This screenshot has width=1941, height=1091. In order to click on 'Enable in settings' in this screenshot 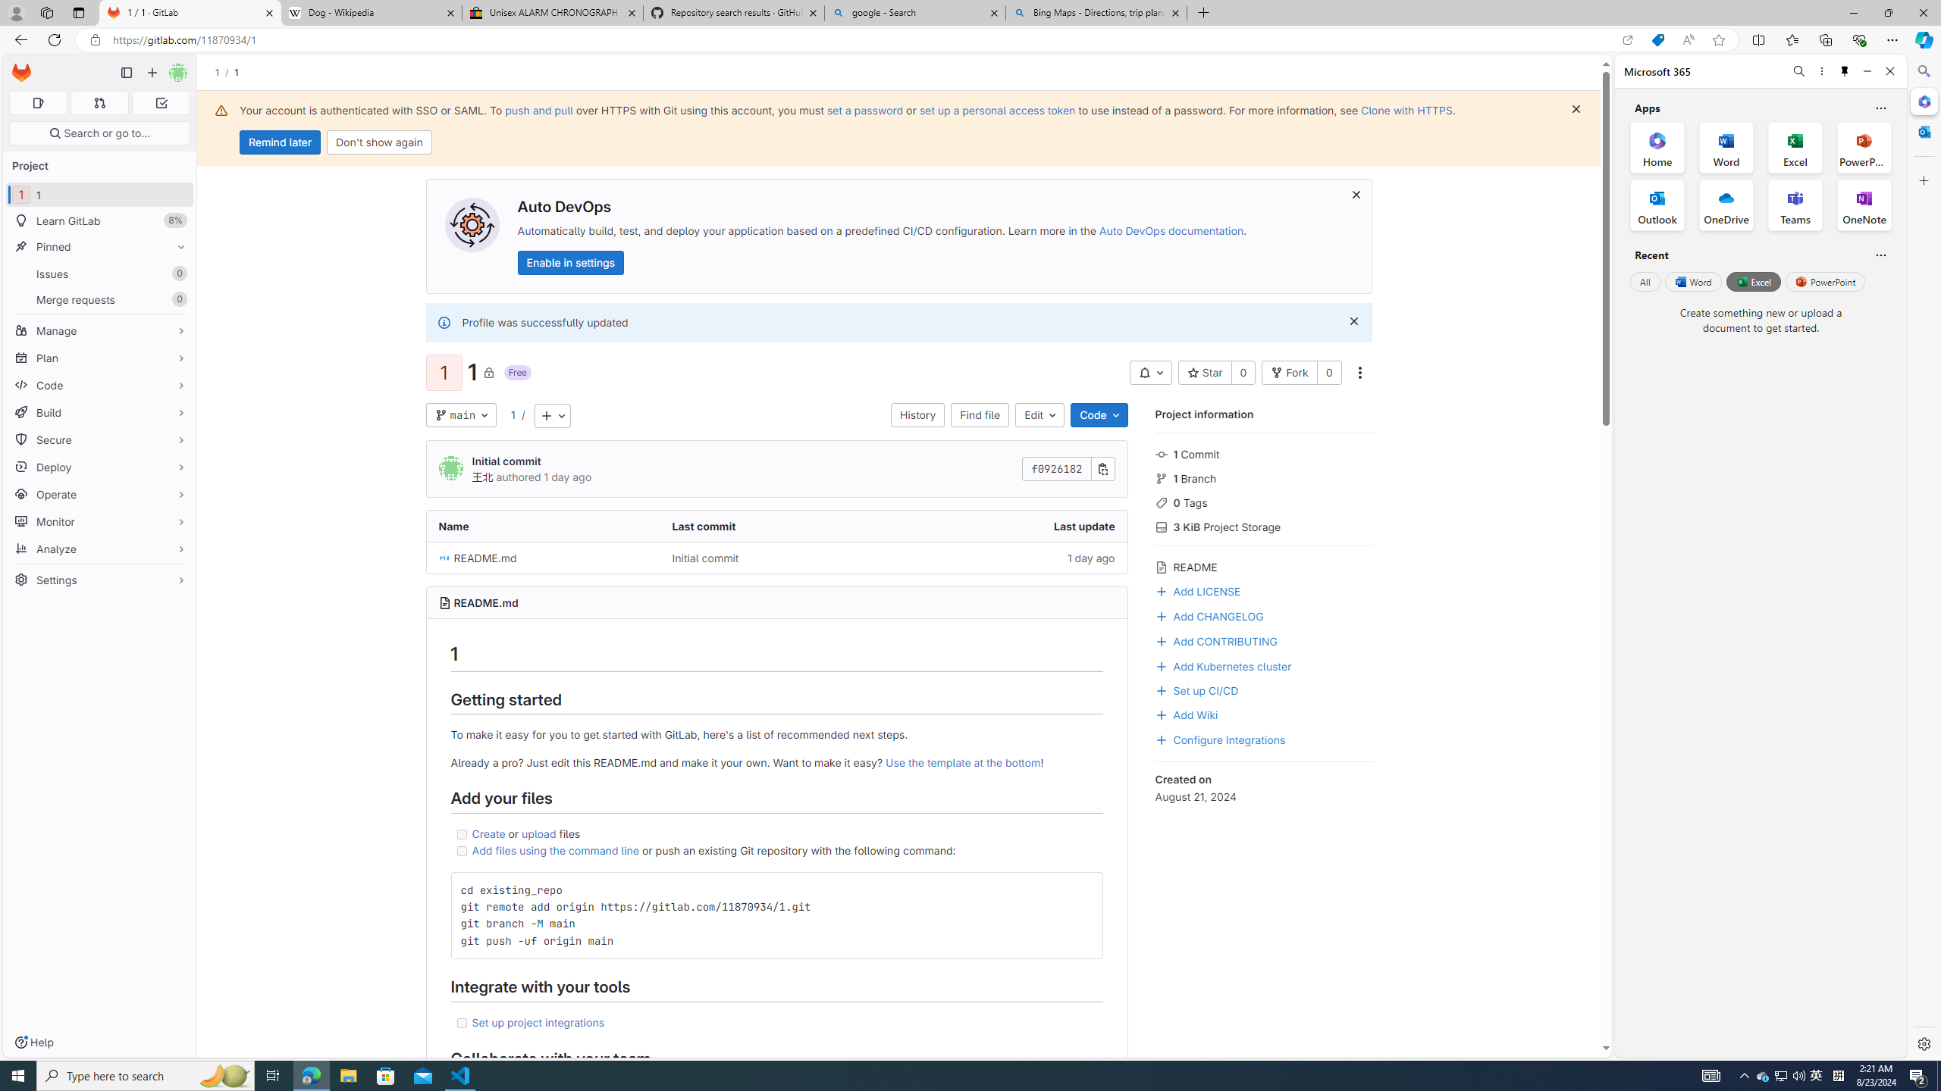, I will do `click(569, 262)`.